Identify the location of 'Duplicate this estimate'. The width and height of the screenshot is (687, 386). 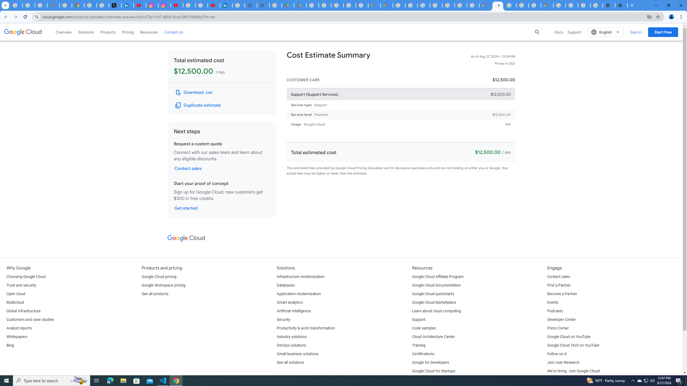
(198, 105).